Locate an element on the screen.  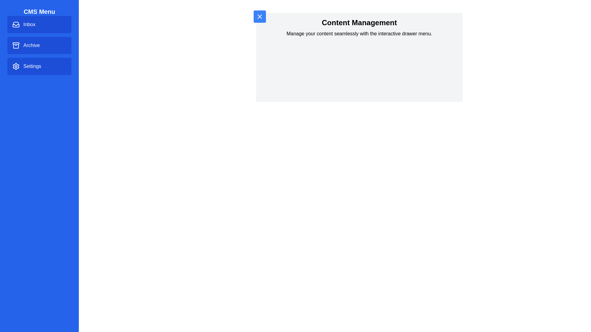
the menu item labeled Inbox to observe the hover effect is located at coordinates (39, 24).